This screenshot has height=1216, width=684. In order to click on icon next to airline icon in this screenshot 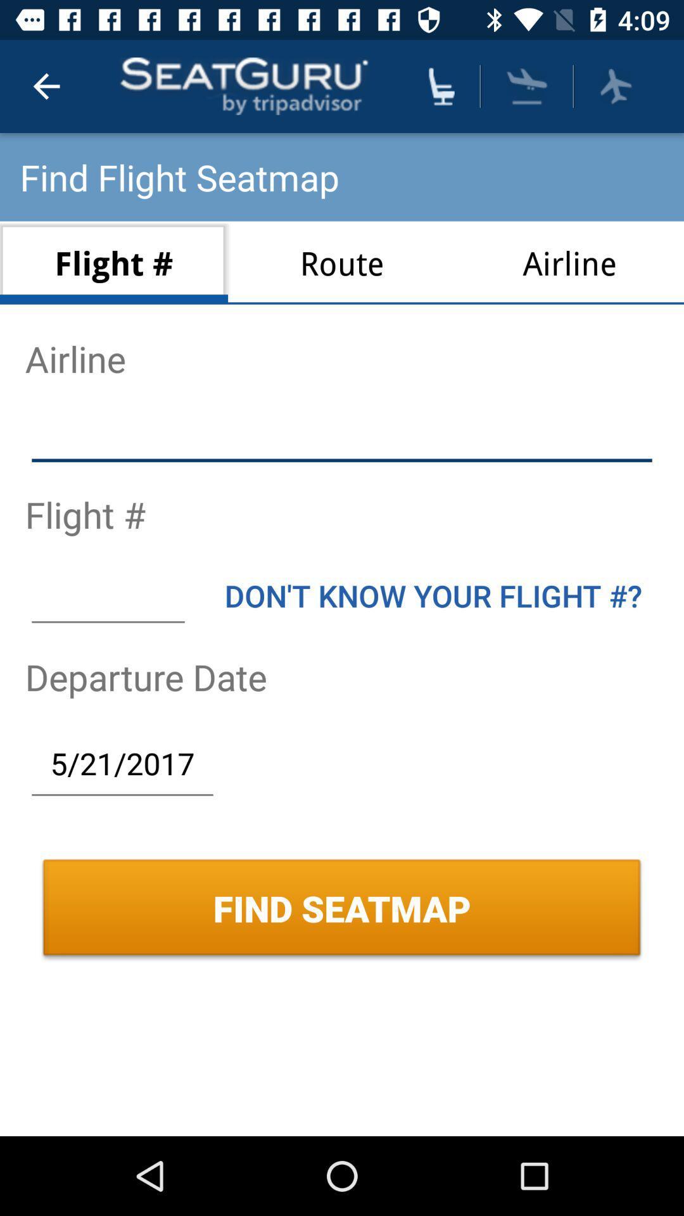, I will do `click(342, 262)`.